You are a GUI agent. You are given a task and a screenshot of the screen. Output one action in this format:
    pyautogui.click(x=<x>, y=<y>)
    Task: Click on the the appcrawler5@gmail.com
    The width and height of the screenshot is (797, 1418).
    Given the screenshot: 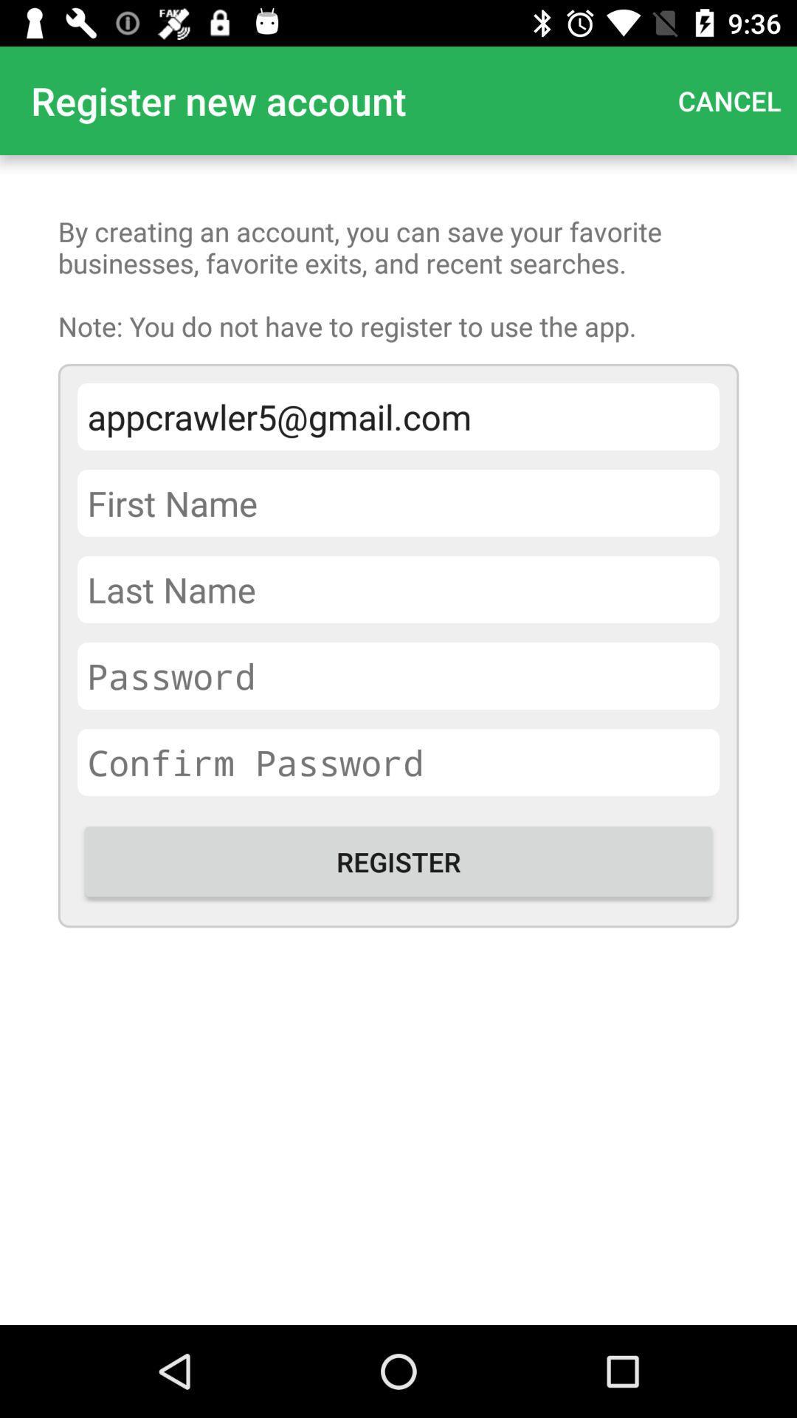 What is the action you would take?
    pyautogui.click(x=398, y=416)
    